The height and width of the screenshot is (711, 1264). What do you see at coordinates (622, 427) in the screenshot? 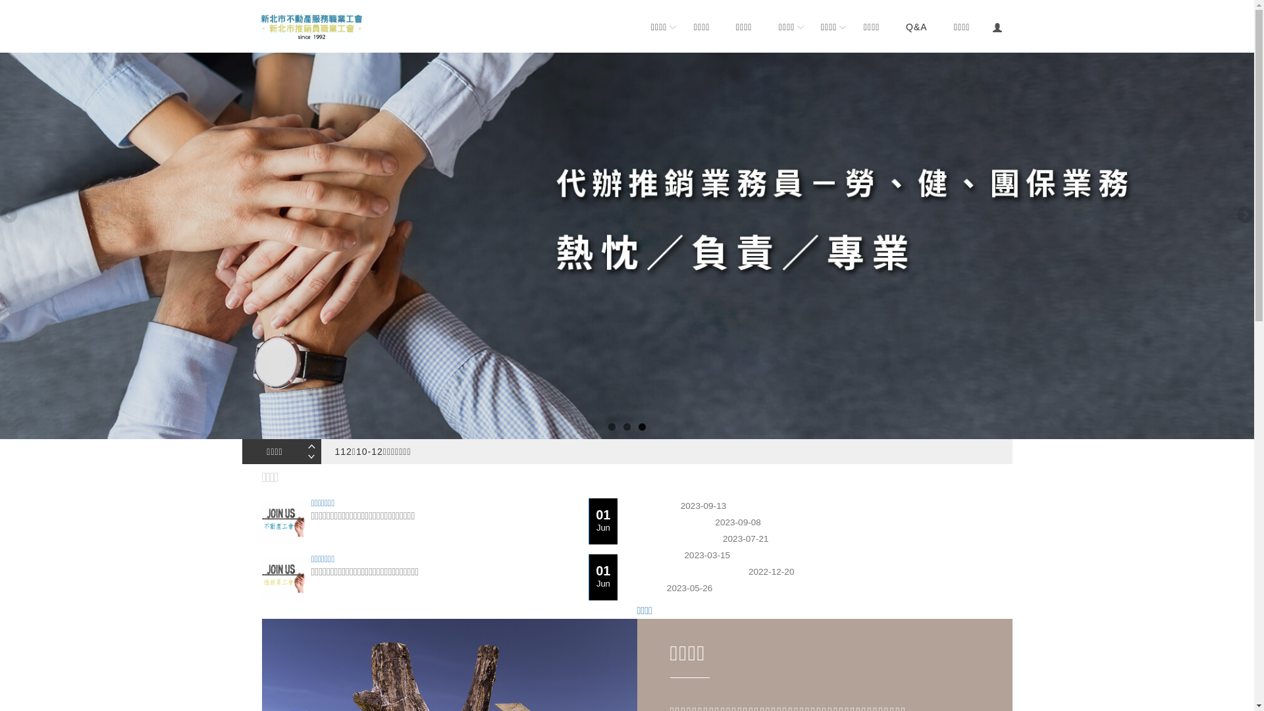
I see `'2'` at bounding box center [622, 427].